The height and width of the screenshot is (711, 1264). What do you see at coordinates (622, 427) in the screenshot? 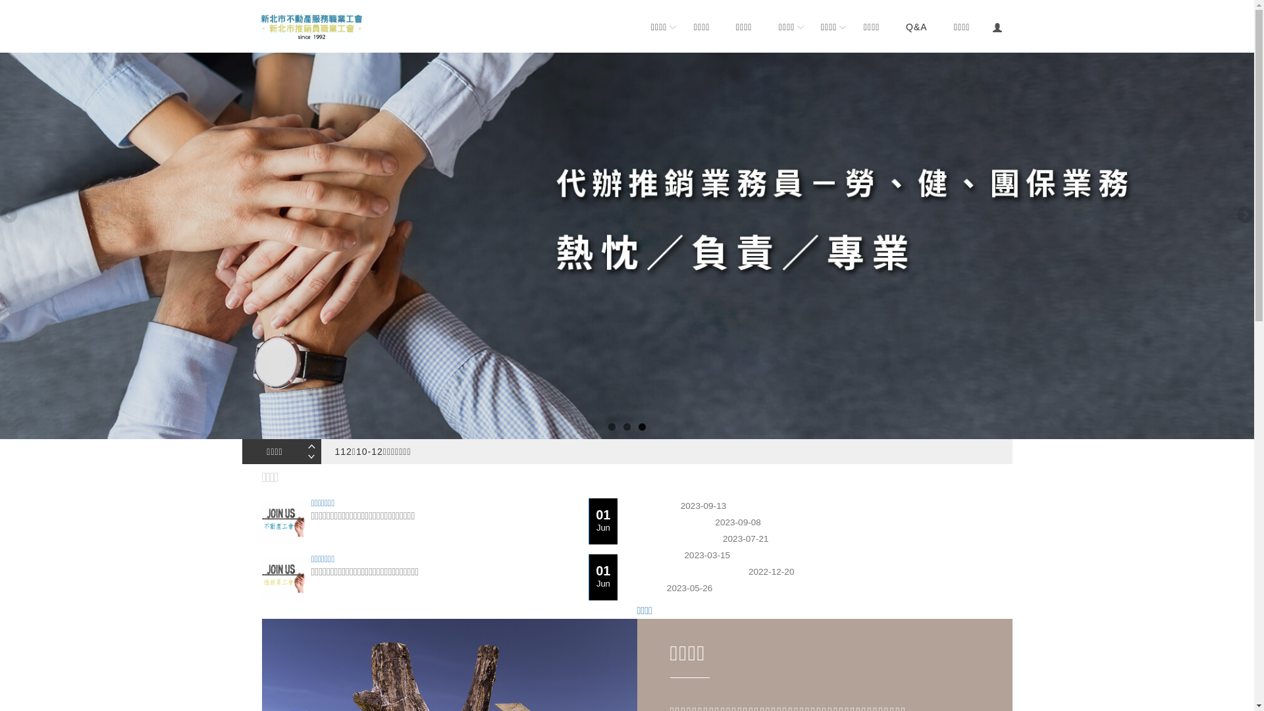
I see `'2'` at bounding box center [622, 427].